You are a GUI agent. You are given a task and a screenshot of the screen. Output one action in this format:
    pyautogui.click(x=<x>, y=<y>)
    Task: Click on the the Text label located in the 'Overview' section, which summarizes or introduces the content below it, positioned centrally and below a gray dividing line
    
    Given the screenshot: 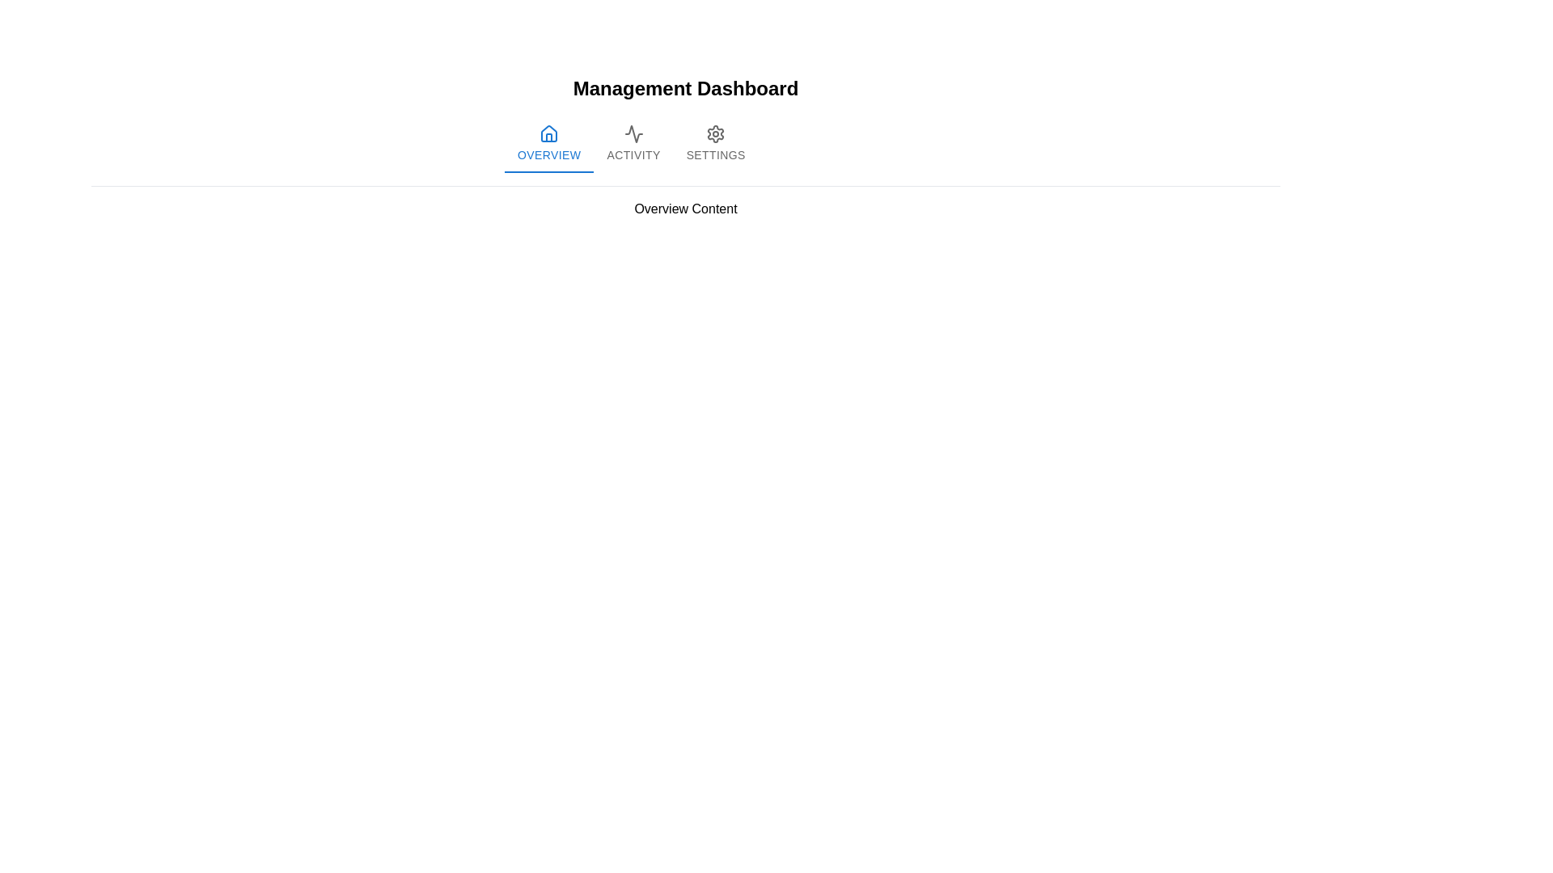 What is the action you would take?
    pyautogui.click(x=686, y=208)
    